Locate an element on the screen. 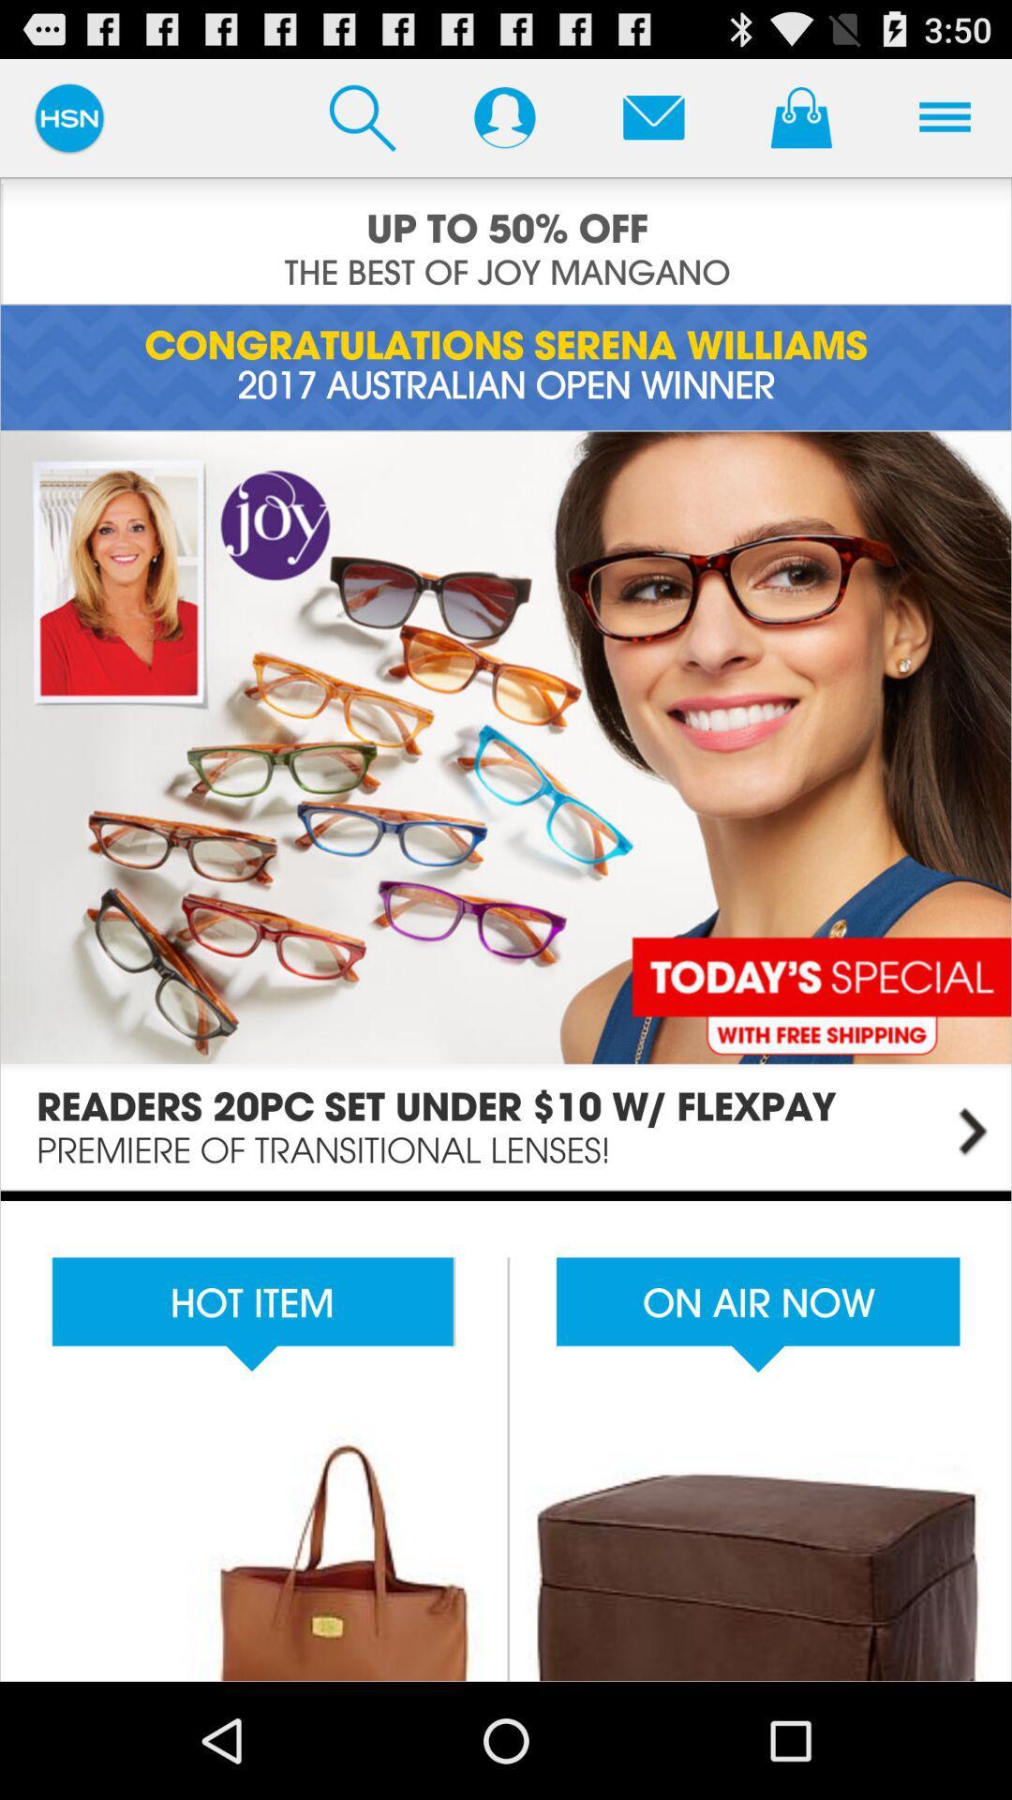  details is located at coordinates (506, 810).